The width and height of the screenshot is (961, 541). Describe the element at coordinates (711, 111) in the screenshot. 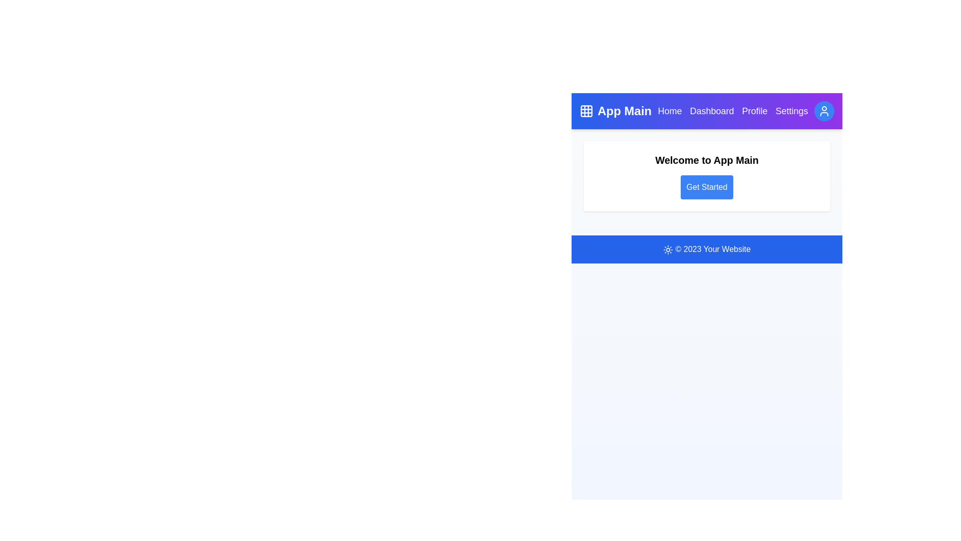

I see `the navigation link labeled Dashboard to navigate to the corresponding section` at that location.